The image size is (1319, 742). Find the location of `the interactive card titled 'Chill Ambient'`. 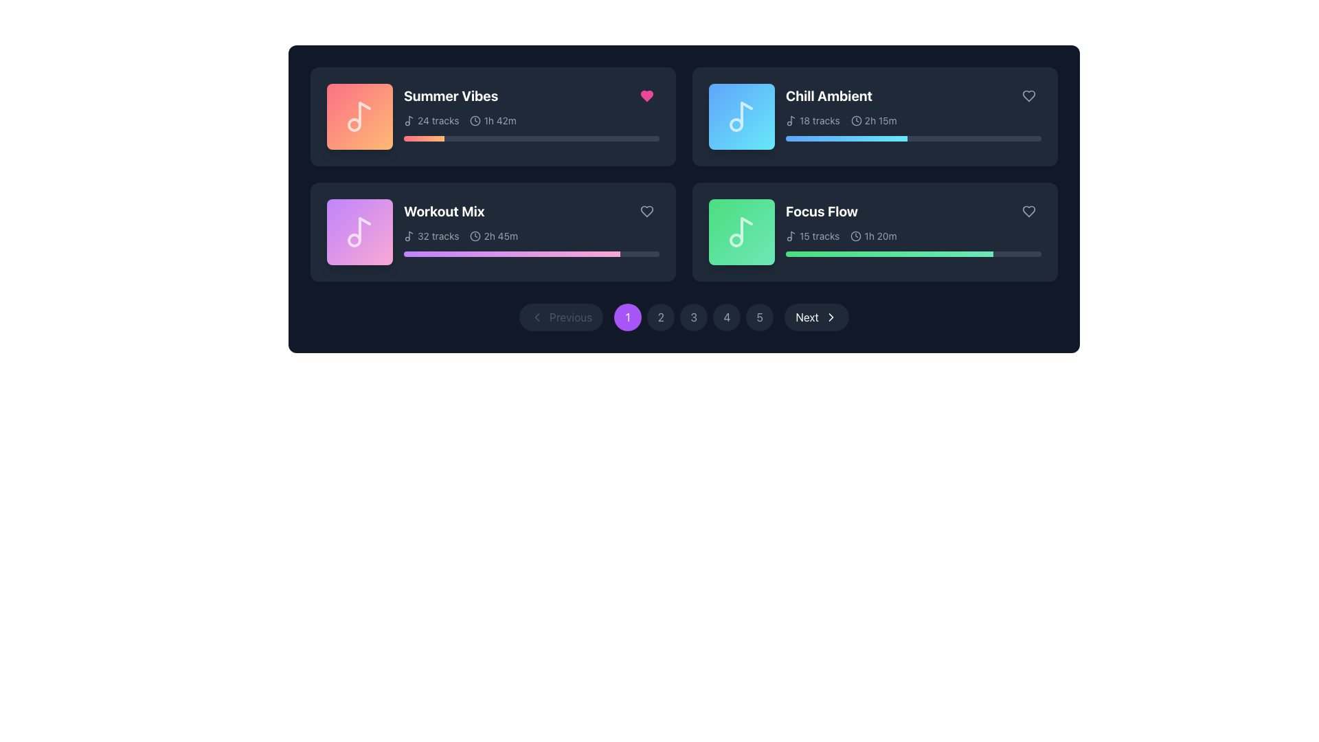

the interactive card titled 'Chill Ambient' is located at coordinates (874, 115).